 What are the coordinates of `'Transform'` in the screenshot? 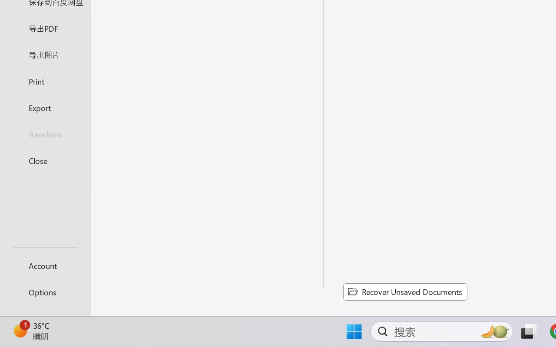 It's located at (45, 134).